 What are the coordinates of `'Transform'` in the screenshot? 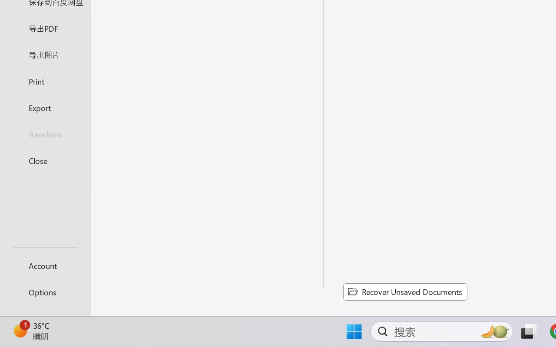 It's located at (45, 134).